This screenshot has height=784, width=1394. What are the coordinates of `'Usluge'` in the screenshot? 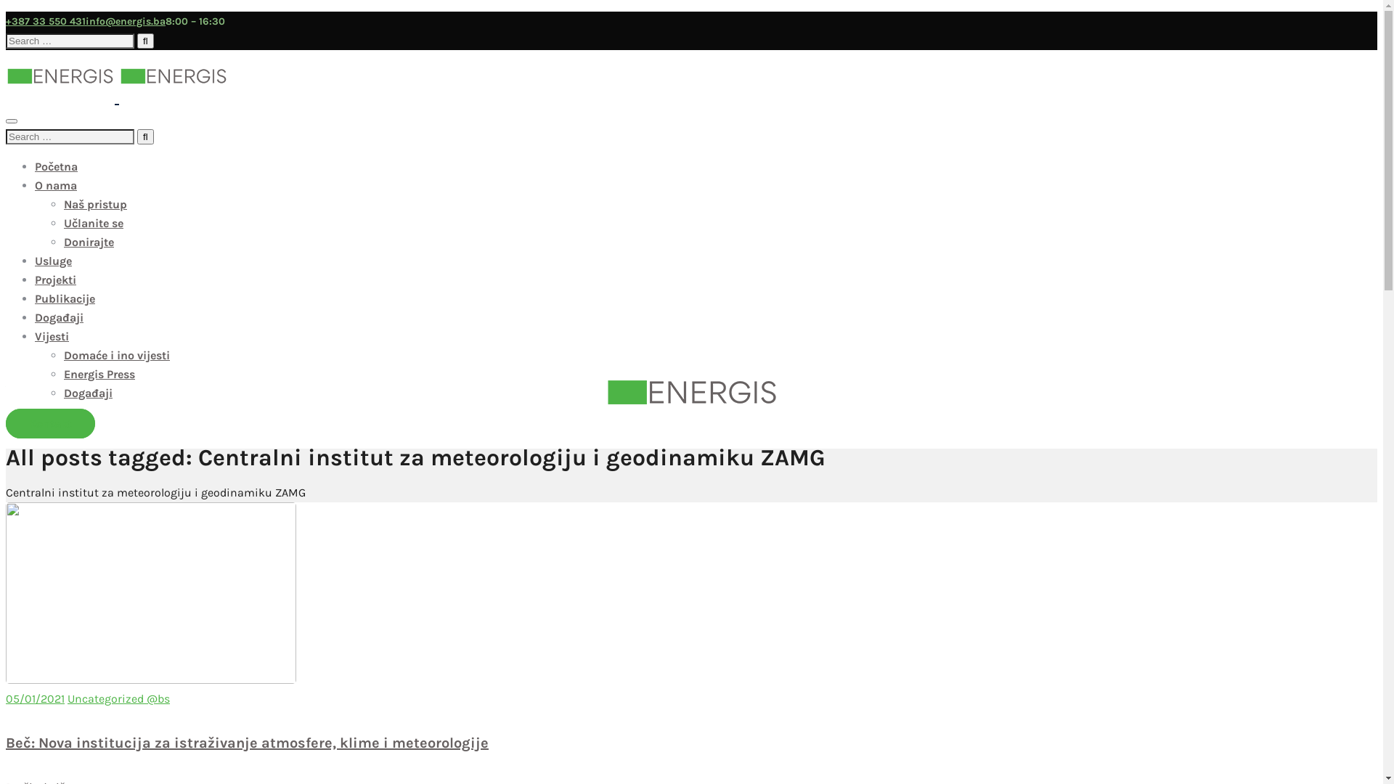 It's located at (53, 260).